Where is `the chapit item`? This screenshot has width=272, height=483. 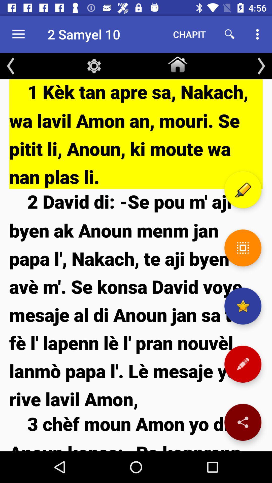
the chapit item is located at coordinates (189, 34).